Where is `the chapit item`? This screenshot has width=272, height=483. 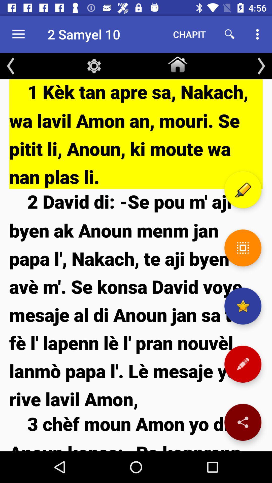
the chapit item is located at coordinates (189, 34).